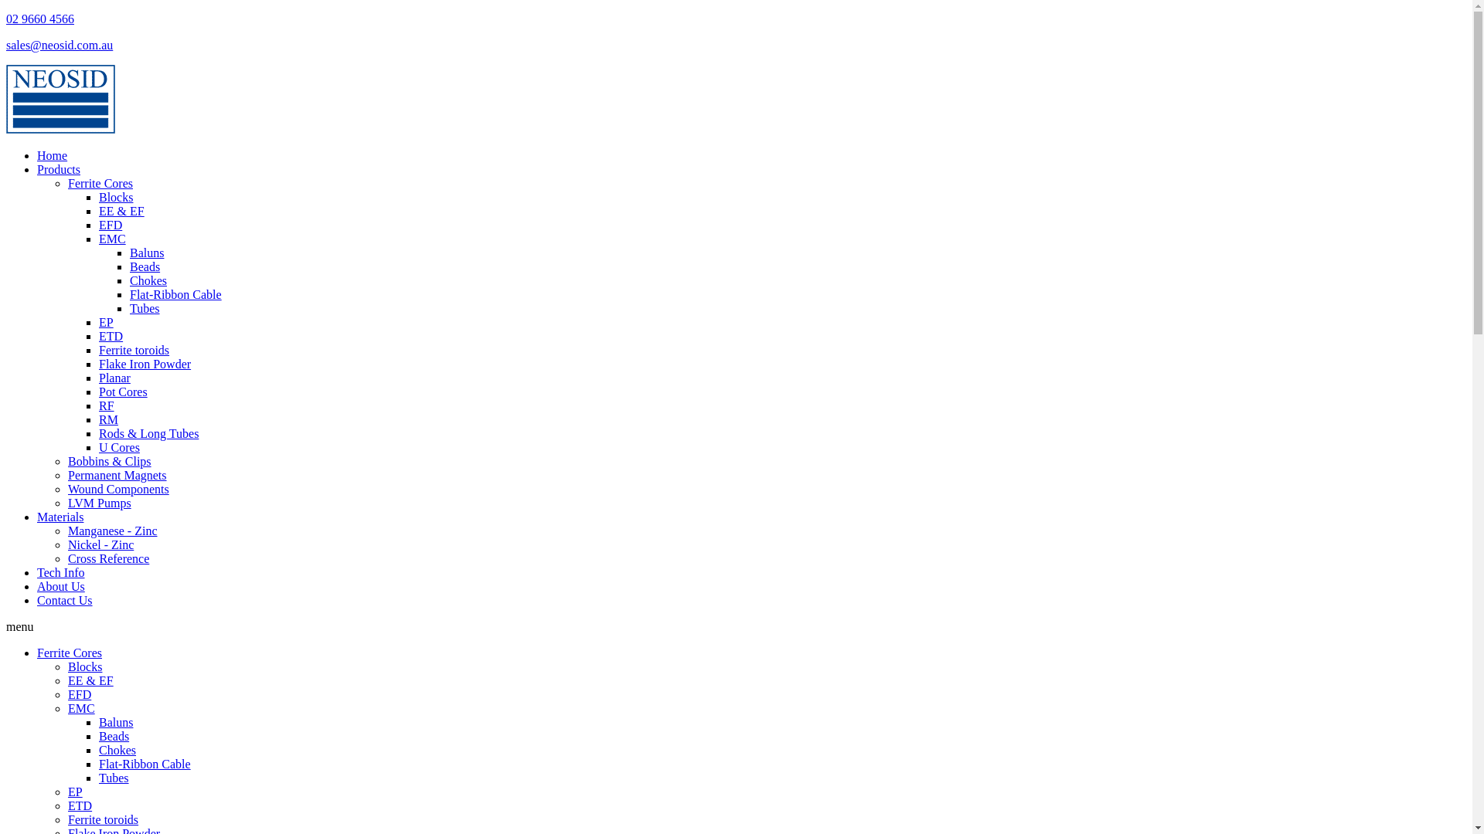  I want to click on 'EP', so click(74, 792).